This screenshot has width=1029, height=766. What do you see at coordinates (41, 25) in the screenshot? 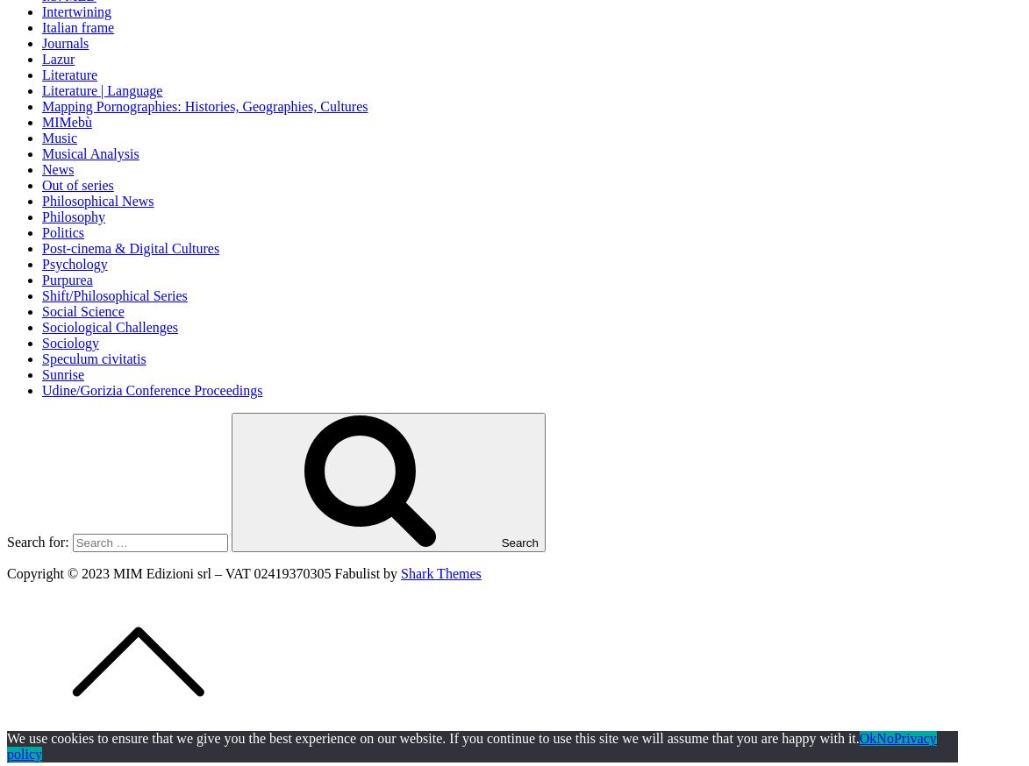
I see `'Italian frame'` at bounding box center [41, 25].